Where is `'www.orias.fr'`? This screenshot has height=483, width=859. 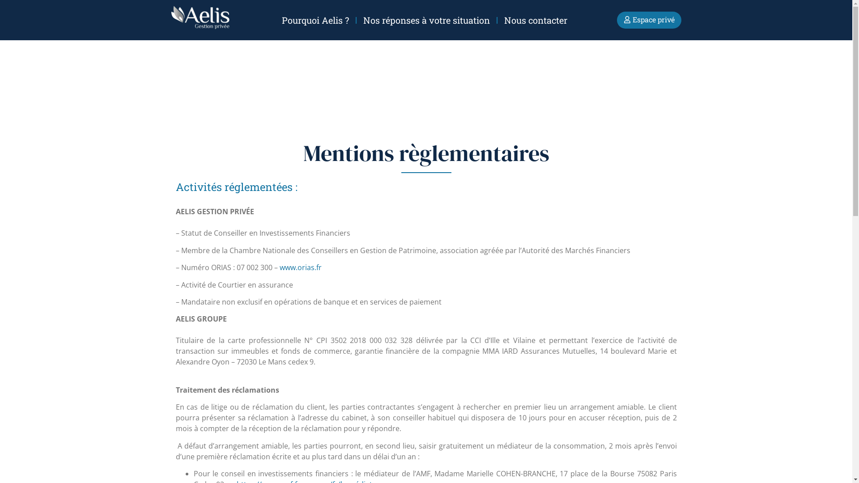 'www.orias.fr' is located at coordinates (300, 267).